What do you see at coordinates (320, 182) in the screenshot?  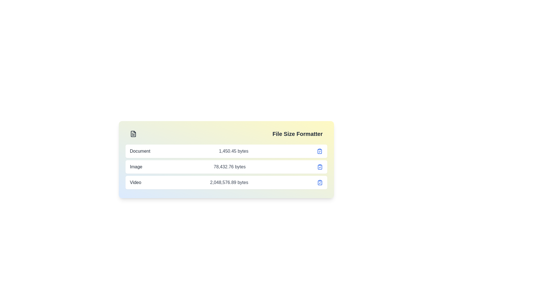 I see `the blue clipboard icon with a checkmark located at the far right of the bottom row associated with 'Video 2,048,576.89 bytes'` at bounding box center [320, 182].